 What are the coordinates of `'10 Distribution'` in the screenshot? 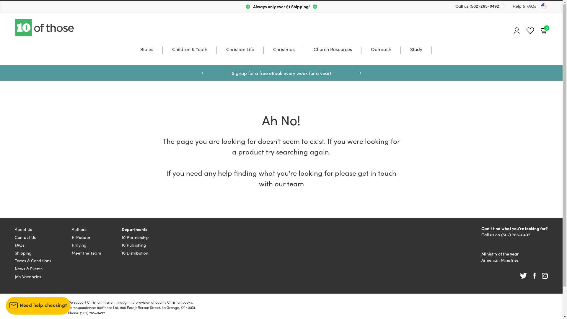 It's located at (134, 253).